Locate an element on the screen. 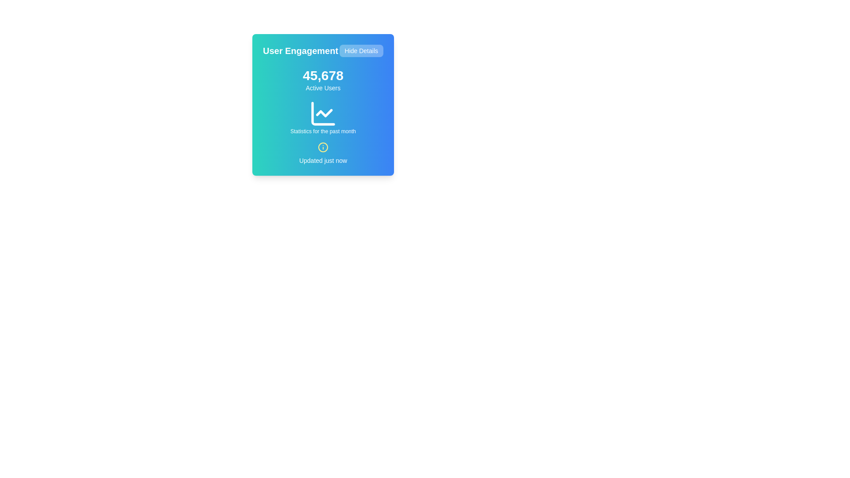 This screenshot has width=850, height=478. the informational graphic with a line chart icon and the text 'Statistics for the past month' is located at coordinates (322, 117).